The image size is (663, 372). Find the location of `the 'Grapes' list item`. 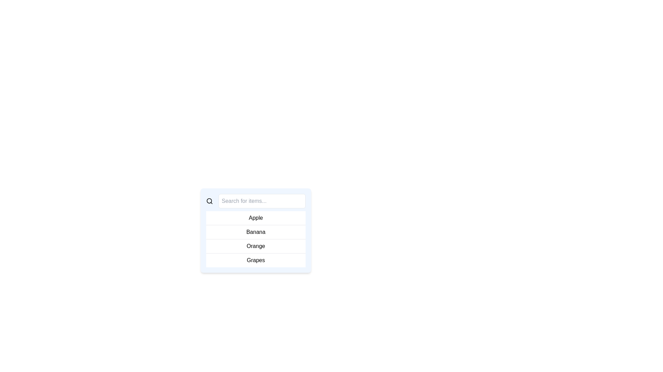

the 'Grapes' list item is located at coordinates (255, 260).